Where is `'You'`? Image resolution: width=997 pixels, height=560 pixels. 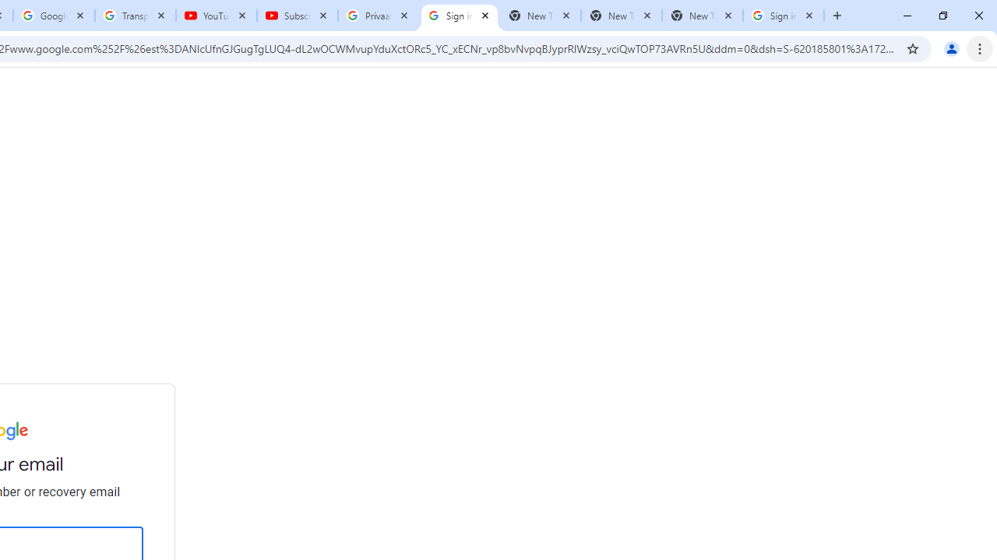
'You' is located at coordinates (950, 47).